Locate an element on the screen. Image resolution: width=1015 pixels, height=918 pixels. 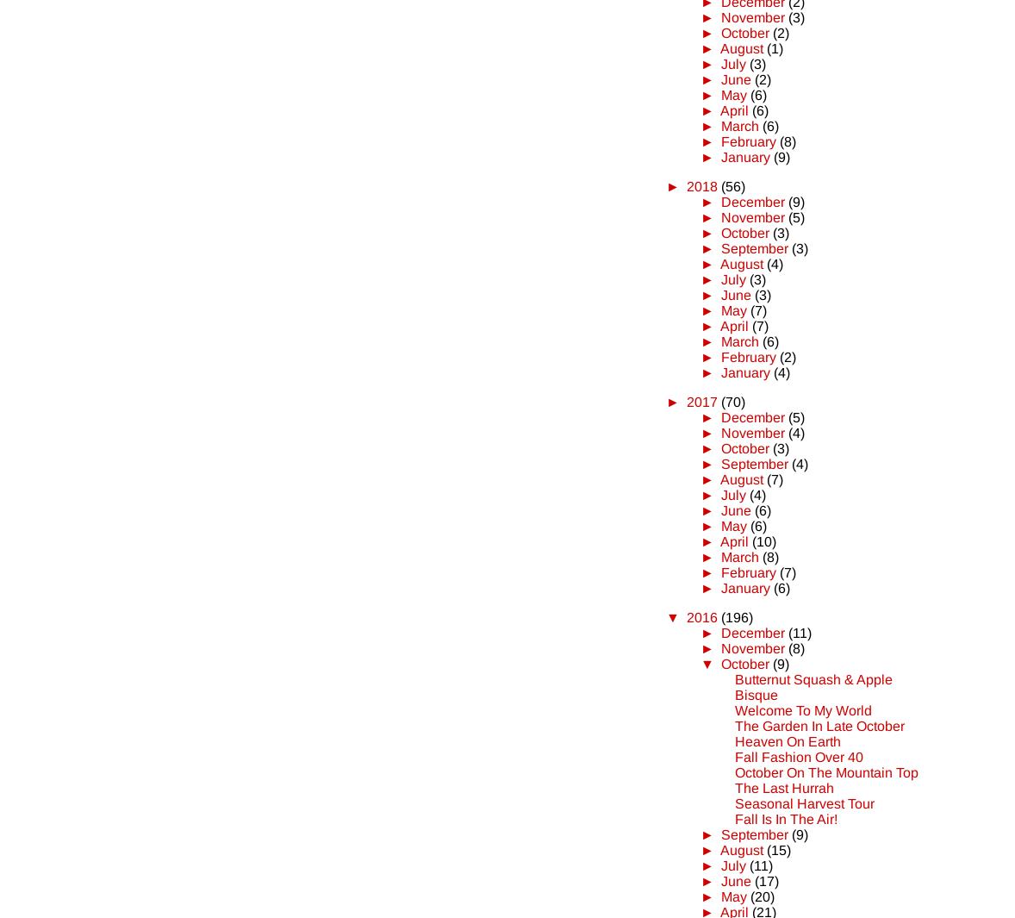
'2017' is located at coordinates (700, 400).